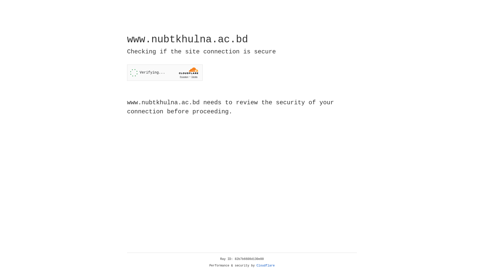 Image resolution: width=484 pixels, height=272 pixels. What do you see at coordinates (165, 73) in the screenshot?
I see `'Widget containing a Cloudflare security challenge'` at bounding box center [165, 73].